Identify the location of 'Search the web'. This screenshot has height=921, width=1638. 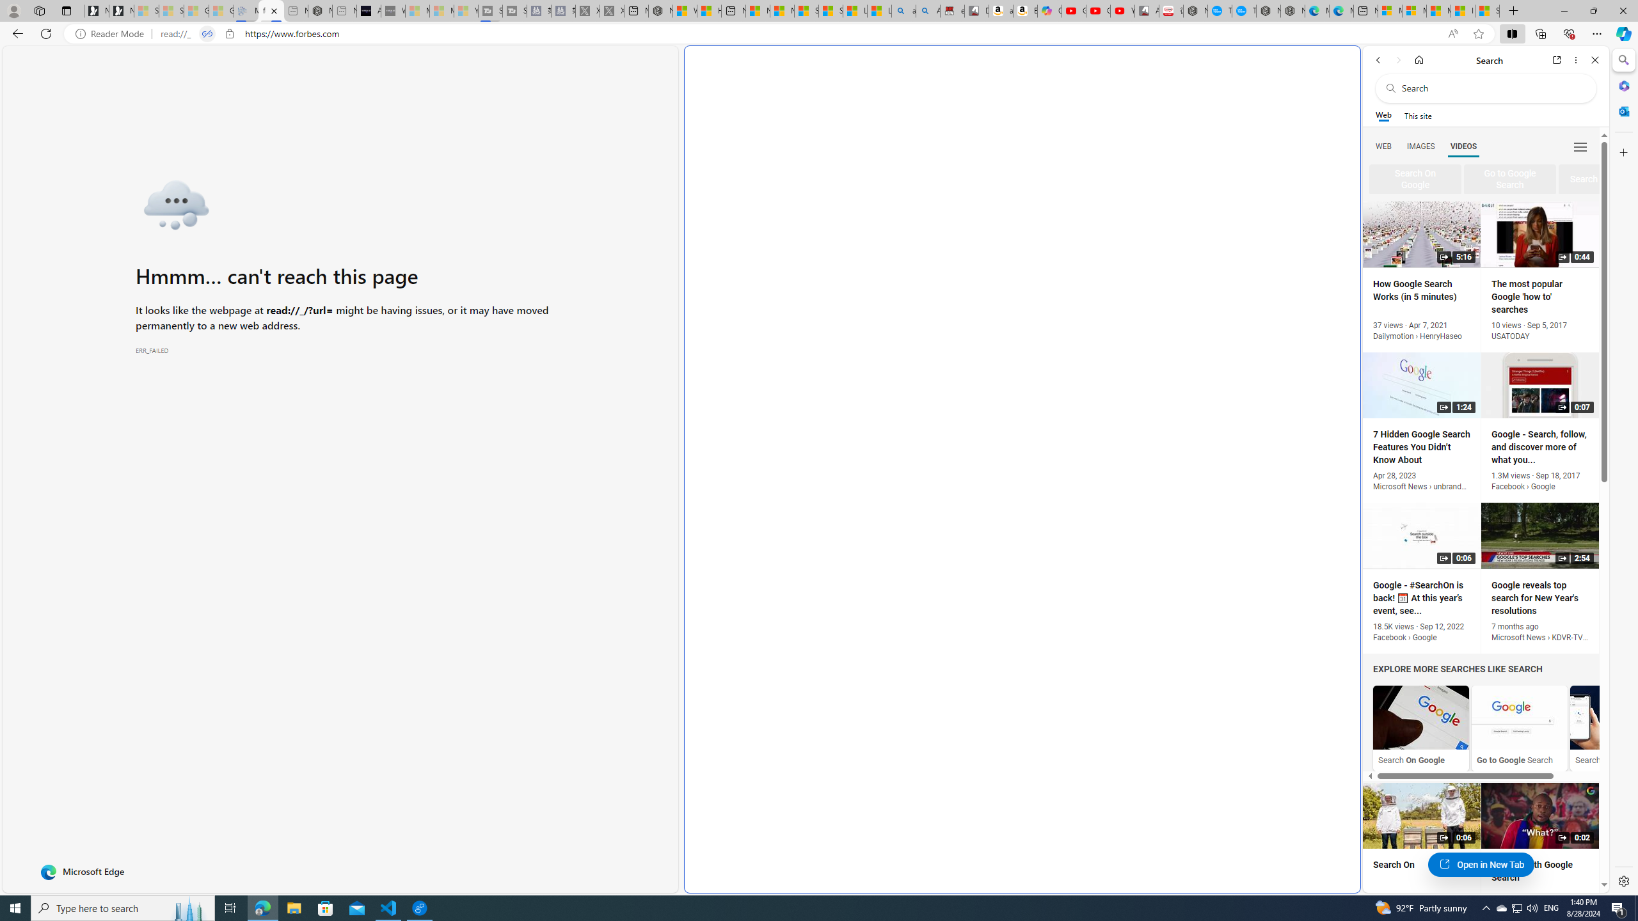
(1491, 88).